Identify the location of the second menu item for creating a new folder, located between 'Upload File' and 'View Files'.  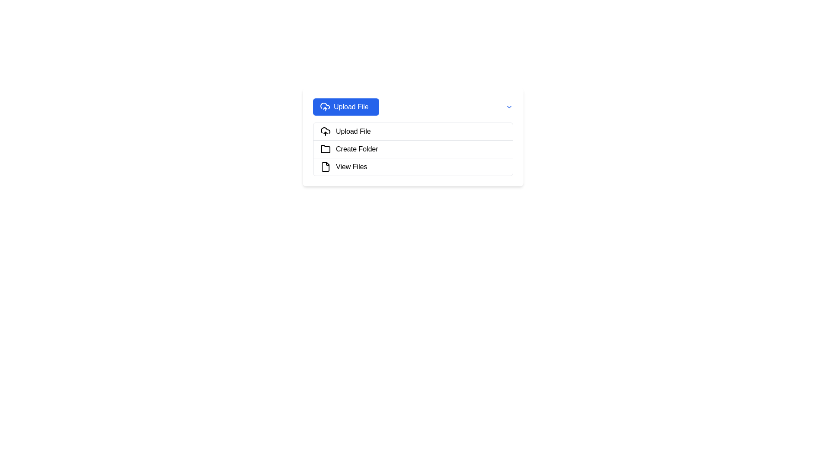
(413, 148).